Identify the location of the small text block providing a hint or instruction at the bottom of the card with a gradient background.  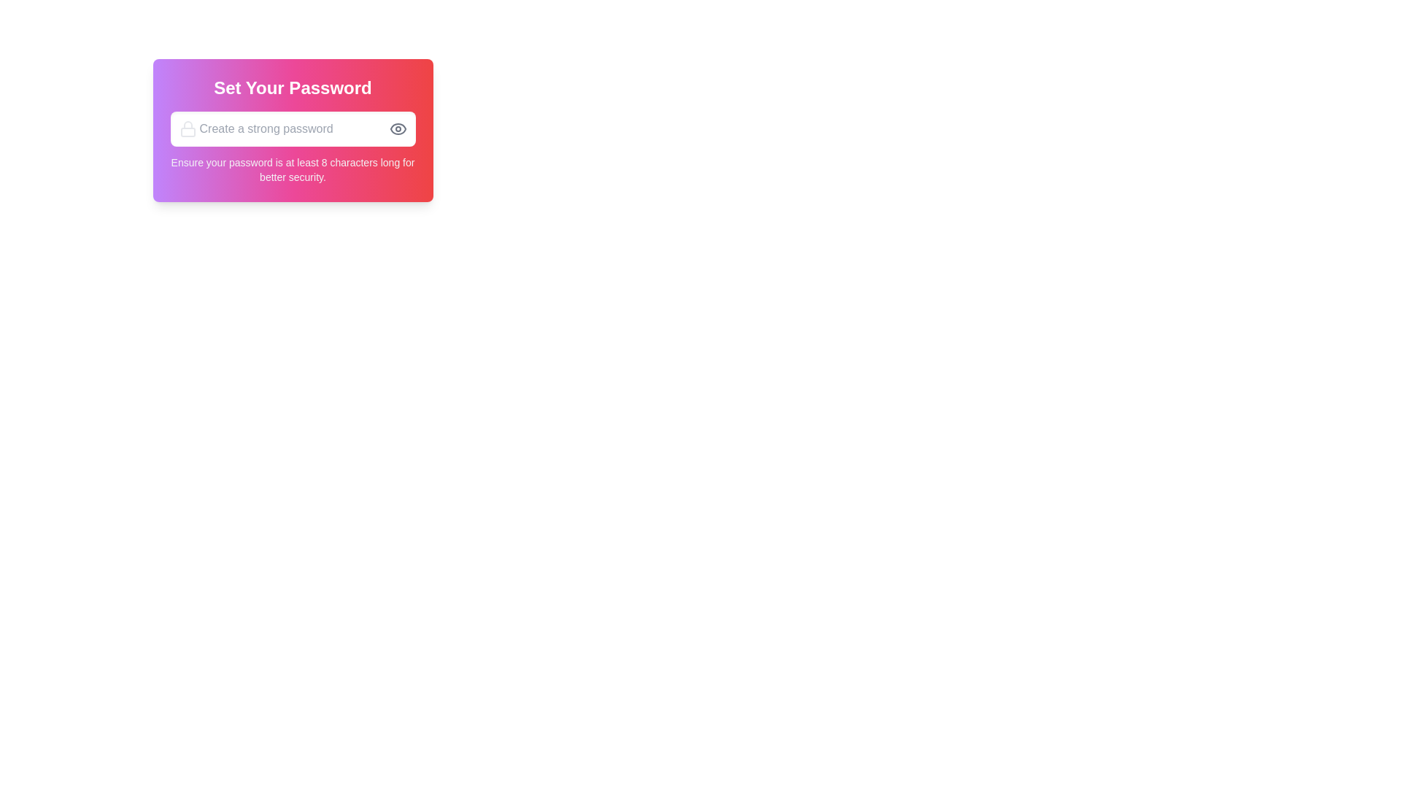
(292, 169).